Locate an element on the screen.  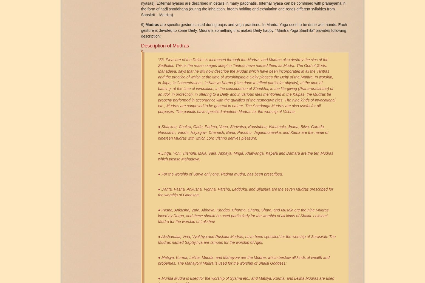
'● Linga, Yoni, Trishula, Mala, Vara, Abhaya, Mriga, Khatvanga, Kapala and Damaru are the ten Mudras which please Mahadeva.' is located at coordinates (245, 156).